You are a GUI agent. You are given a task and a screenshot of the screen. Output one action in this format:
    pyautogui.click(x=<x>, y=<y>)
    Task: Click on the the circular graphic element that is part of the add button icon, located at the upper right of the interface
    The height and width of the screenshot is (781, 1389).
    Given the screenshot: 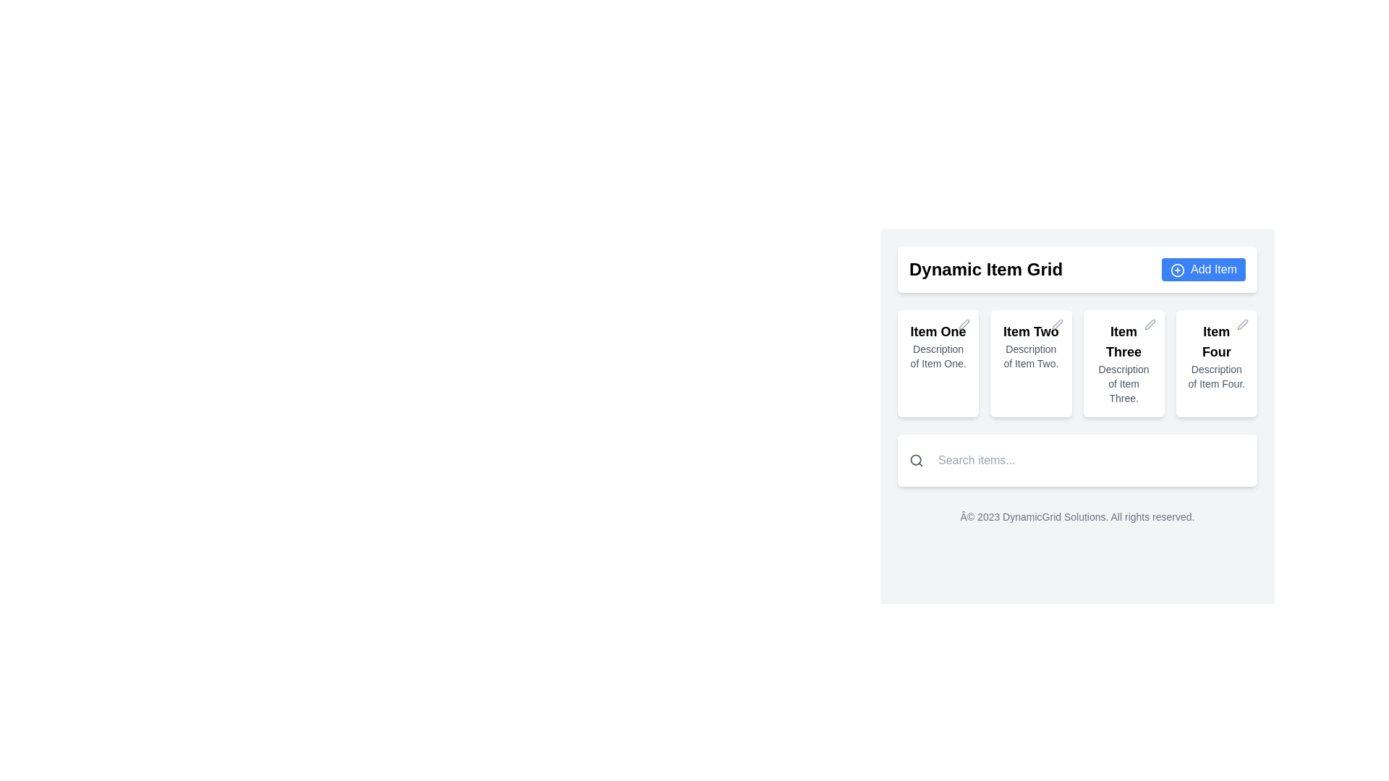 What is the action you would take?
    pyautogui.click(x=1177, y=270)
    